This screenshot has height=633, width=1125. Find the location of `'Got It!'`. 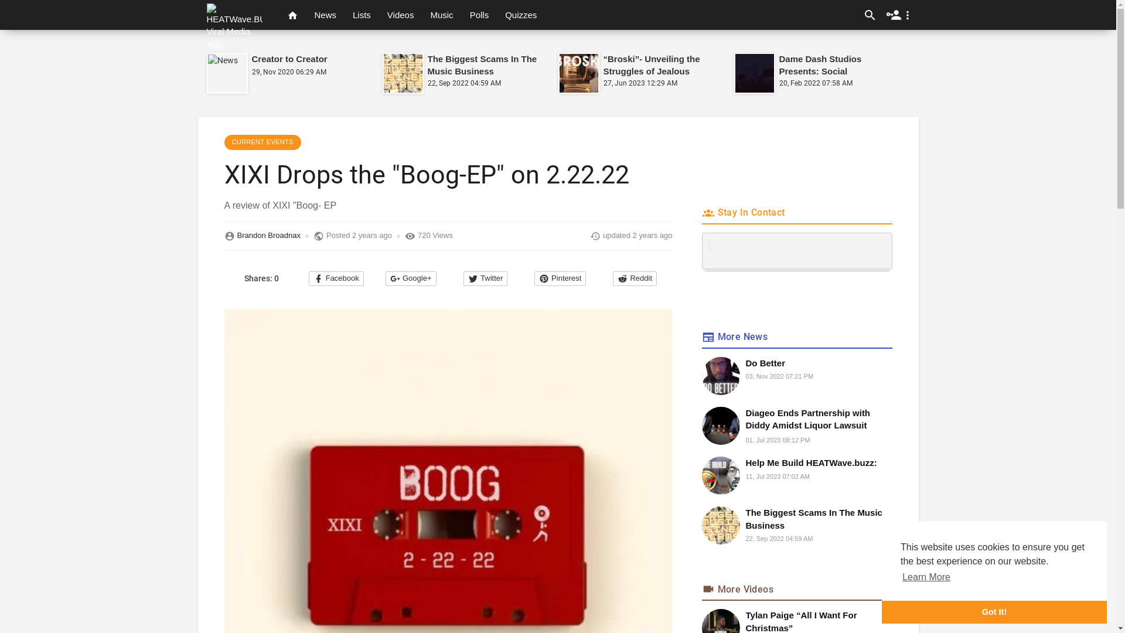

'Got It!' is located at coordinates (994, 611).